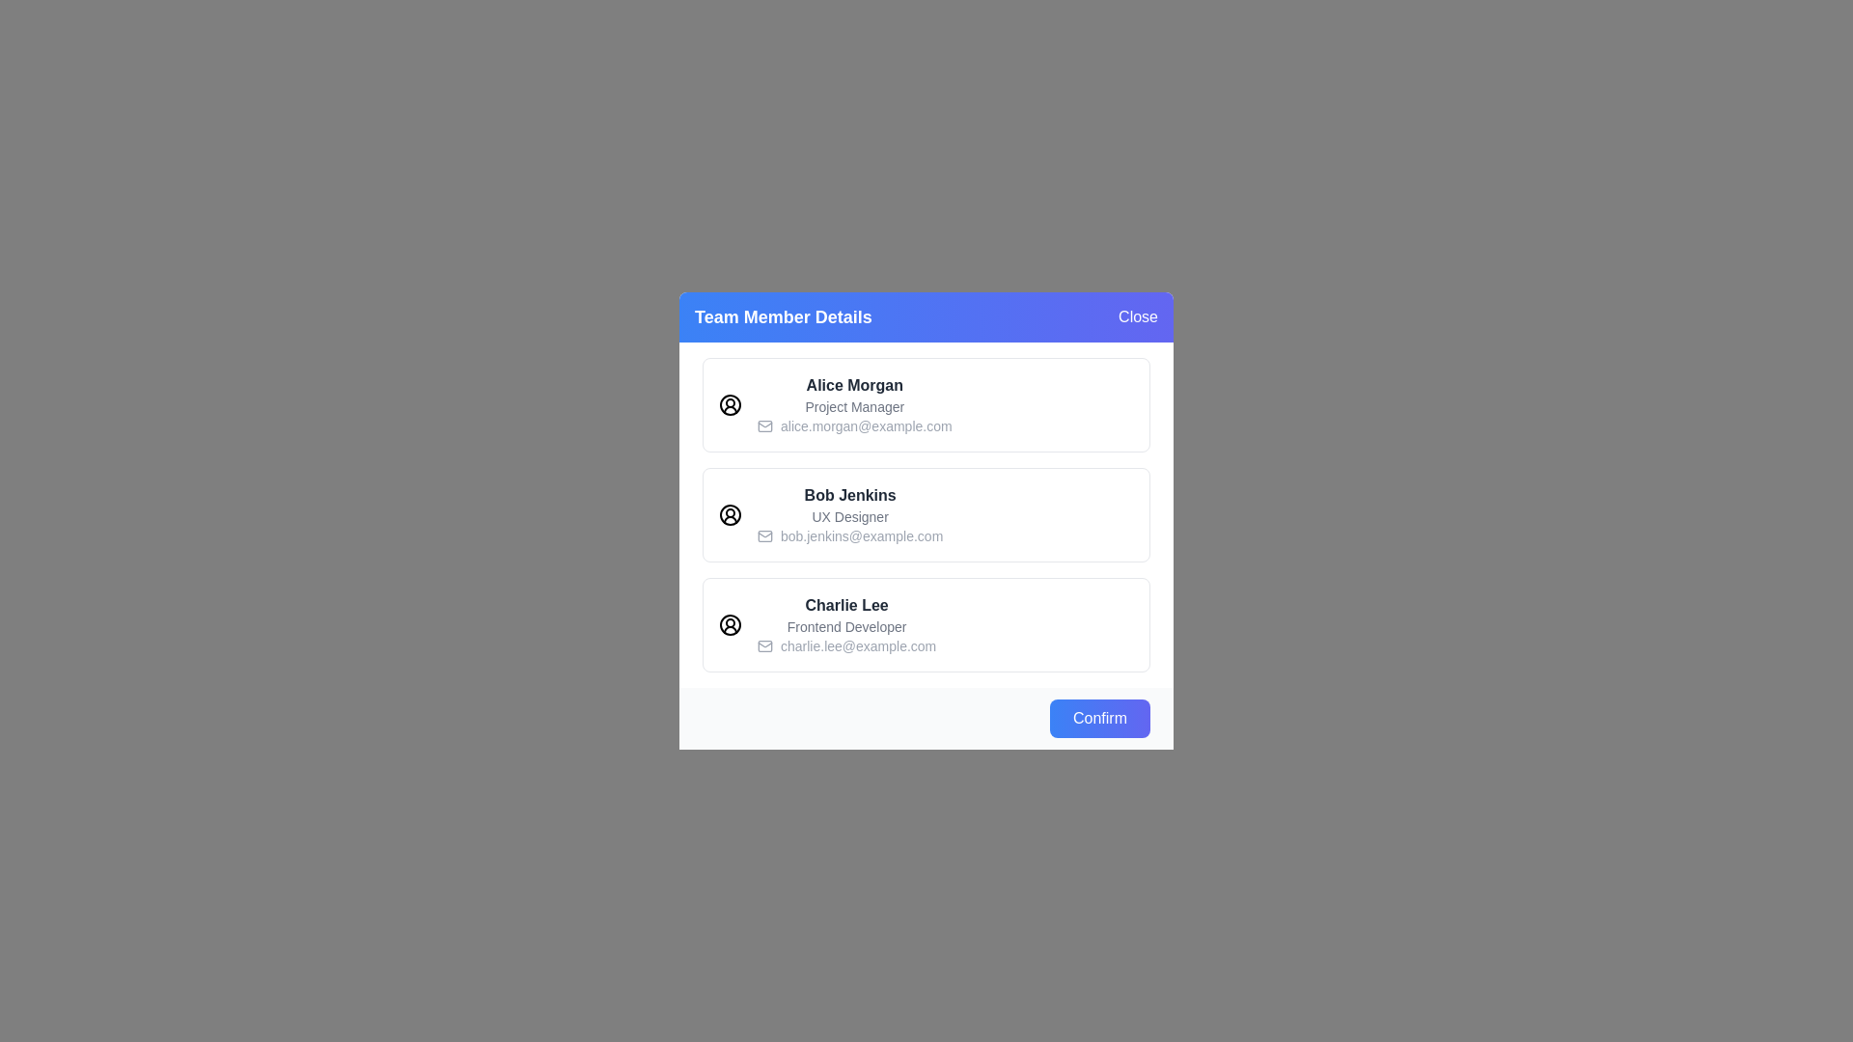 The height and width of the screenshot is (1042, 1853). Describe the element at coordinates (730, 625) in the screenshot. I see `the circular outline icon representing a user, part of the profile image for 'Charlie Lee, Frontend Developer', located in the third section under the 'Team Member Details' header` at that location.